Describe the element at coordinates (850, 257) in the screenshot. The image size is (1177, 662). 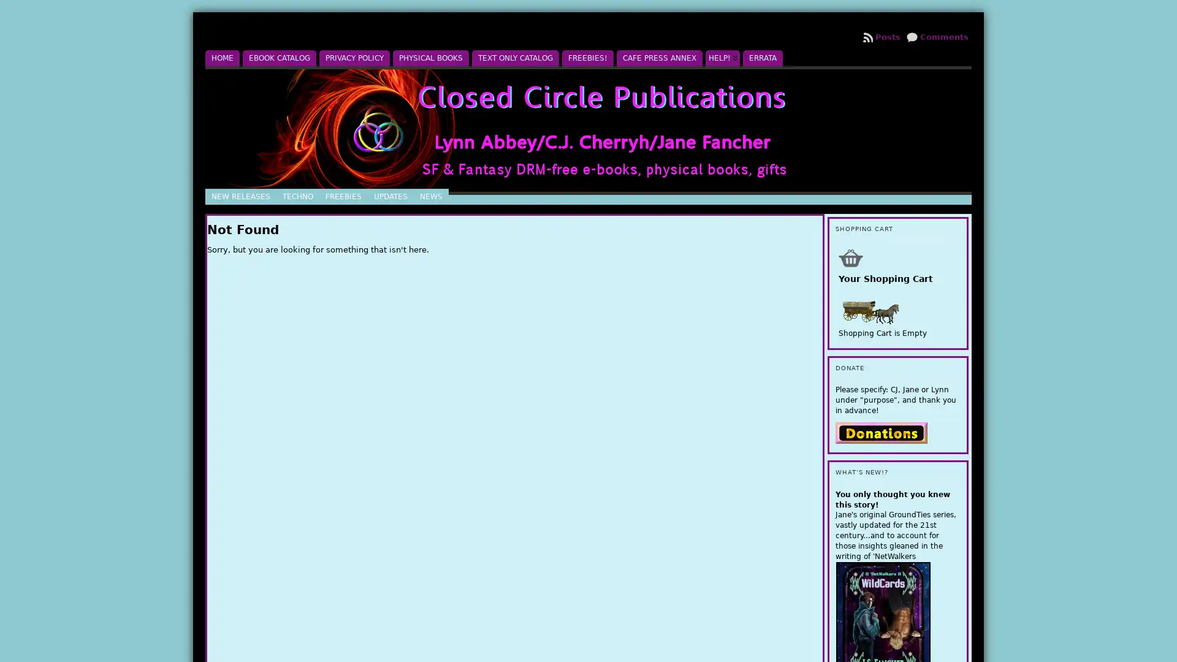
I see `Shopping Cart` at that location.